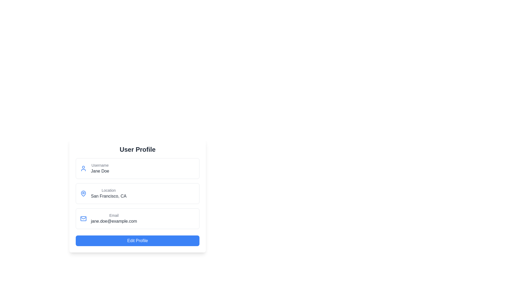 The width and height of the screenshot is (512, 288). I want to click on the text label displaying 'Email' in a small gray font, located above the email address in the user profile section, so click(114, 215).